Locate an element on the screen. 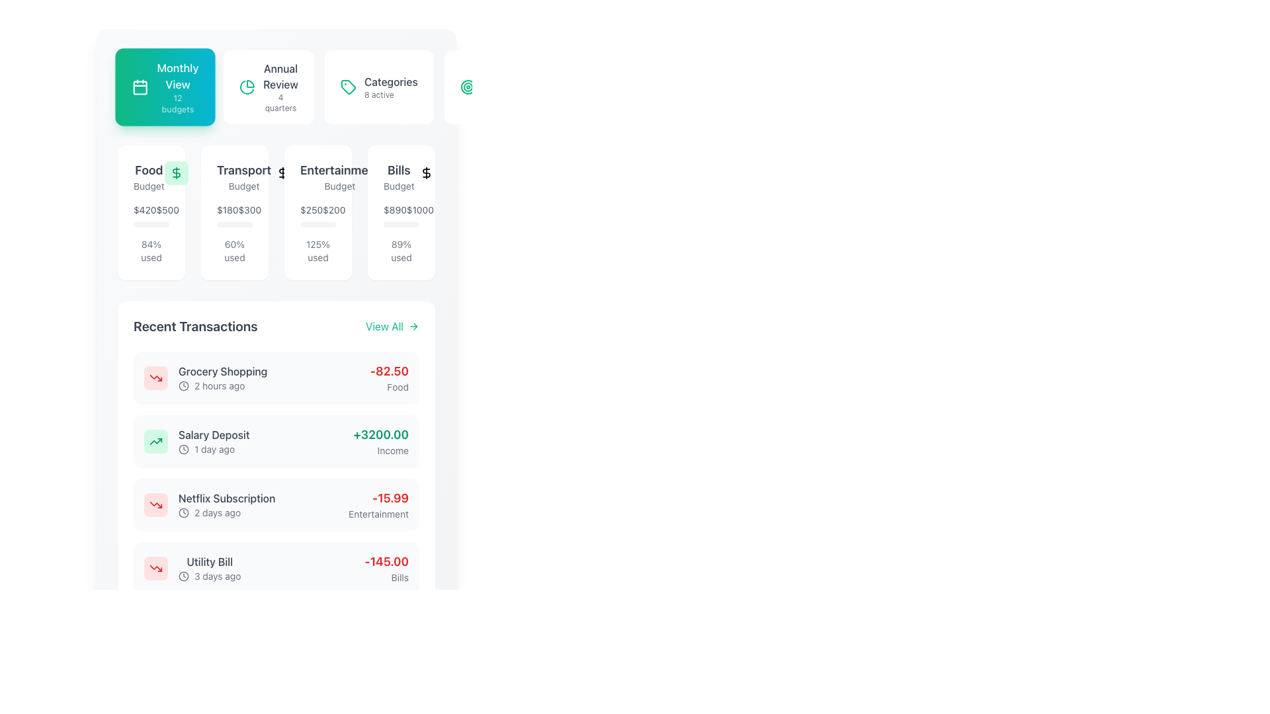  the descriptive text label categorizing the utility bill payment transaction located directly below the monetary amount '-145.00' in the 'Recent Transactions' section is located at coordinates (386, 577).